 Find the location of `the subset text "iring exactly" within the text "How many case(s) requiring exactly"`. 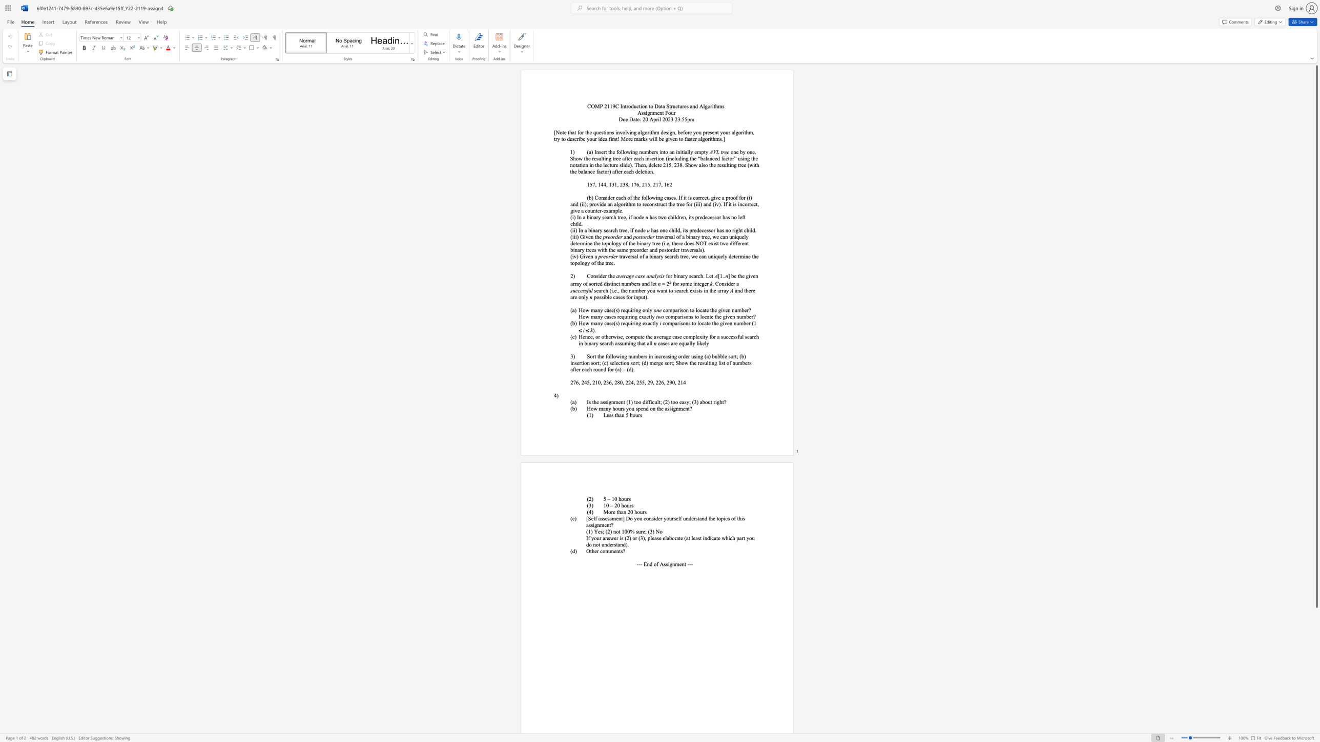

the subset text "iring exactly" within the text "How many case(s) requiring exactly" is located at coordinates (631, 323).